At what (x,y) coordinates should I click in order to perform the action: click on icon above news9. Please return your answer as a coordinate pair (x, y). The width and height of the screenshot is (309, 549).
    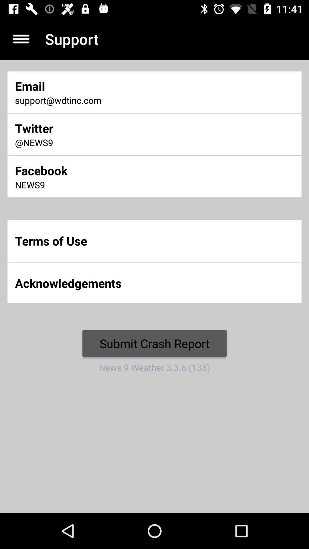
    Looking at the image, I should click on (102, 170).